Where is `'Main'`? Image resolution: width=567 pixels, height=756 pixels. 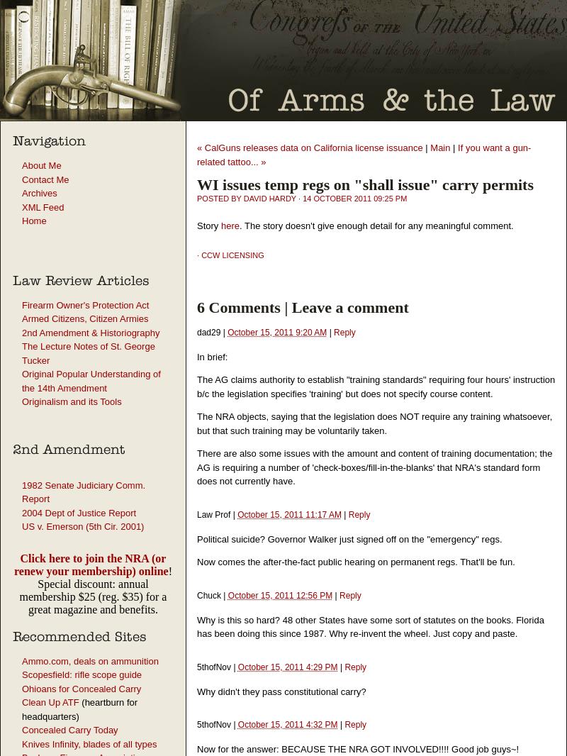 'Main' is located at coordinates (430, 147).